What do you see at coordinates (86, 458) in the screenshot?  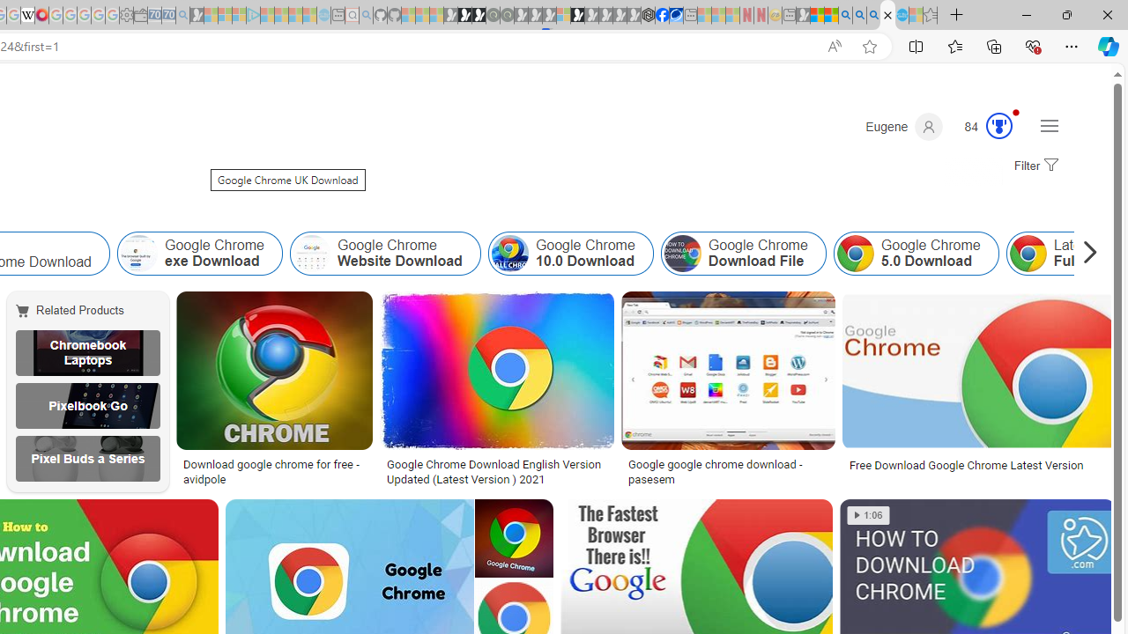 I see `'Pixel Buds a Series'` at bounding box center [86, 458].